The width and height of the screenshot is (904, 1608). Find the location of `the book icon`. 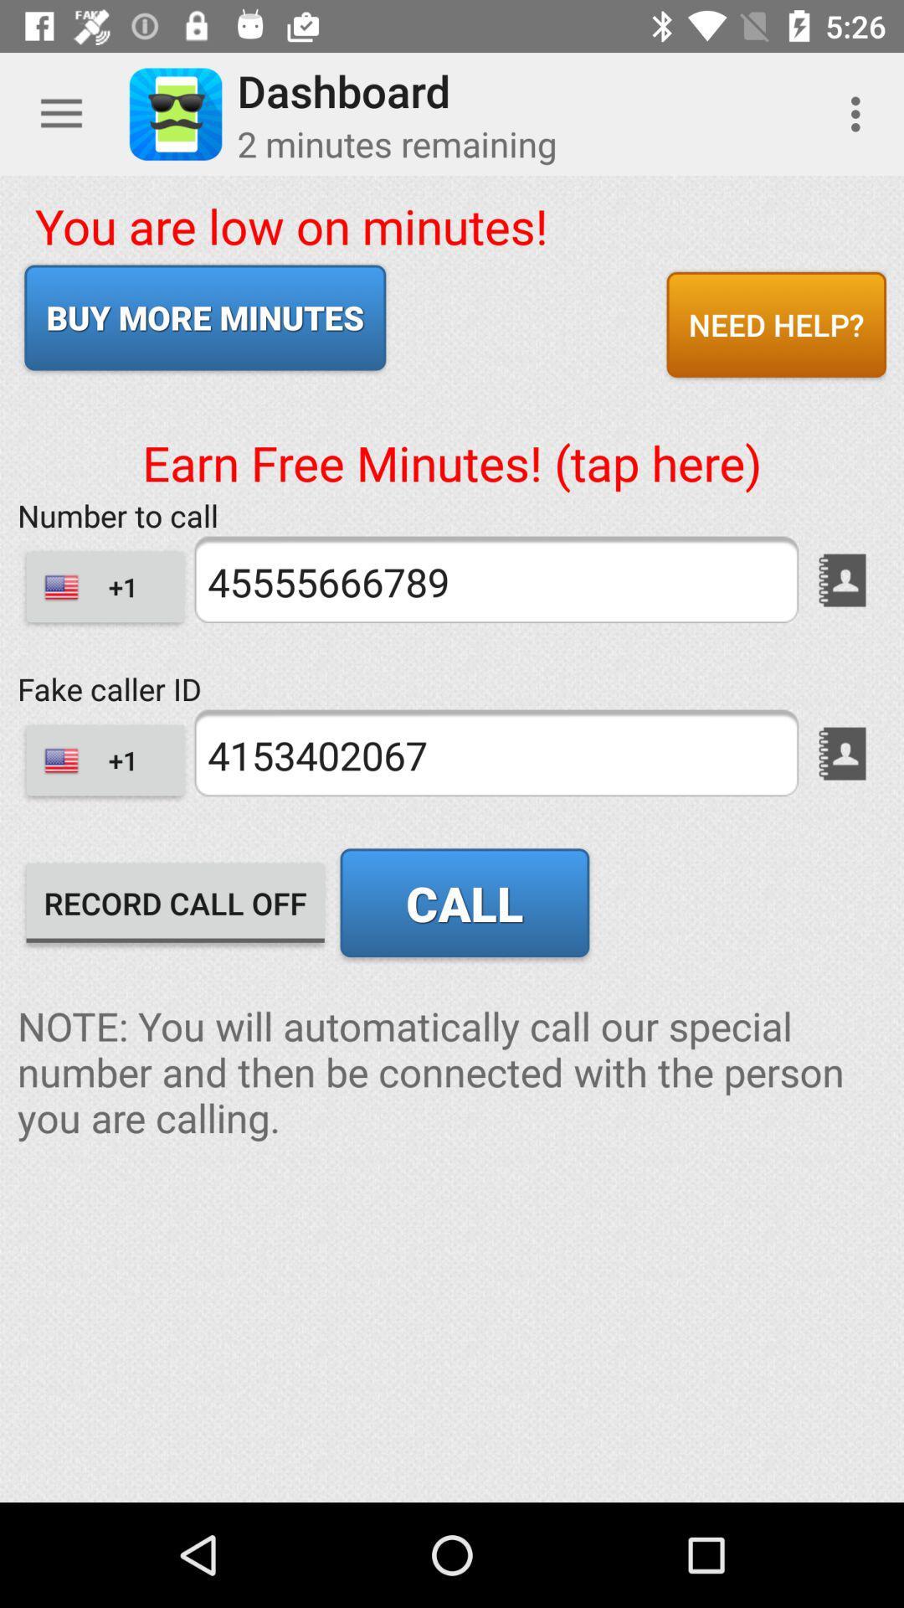

the book icon is located at coordinates (842, 753).